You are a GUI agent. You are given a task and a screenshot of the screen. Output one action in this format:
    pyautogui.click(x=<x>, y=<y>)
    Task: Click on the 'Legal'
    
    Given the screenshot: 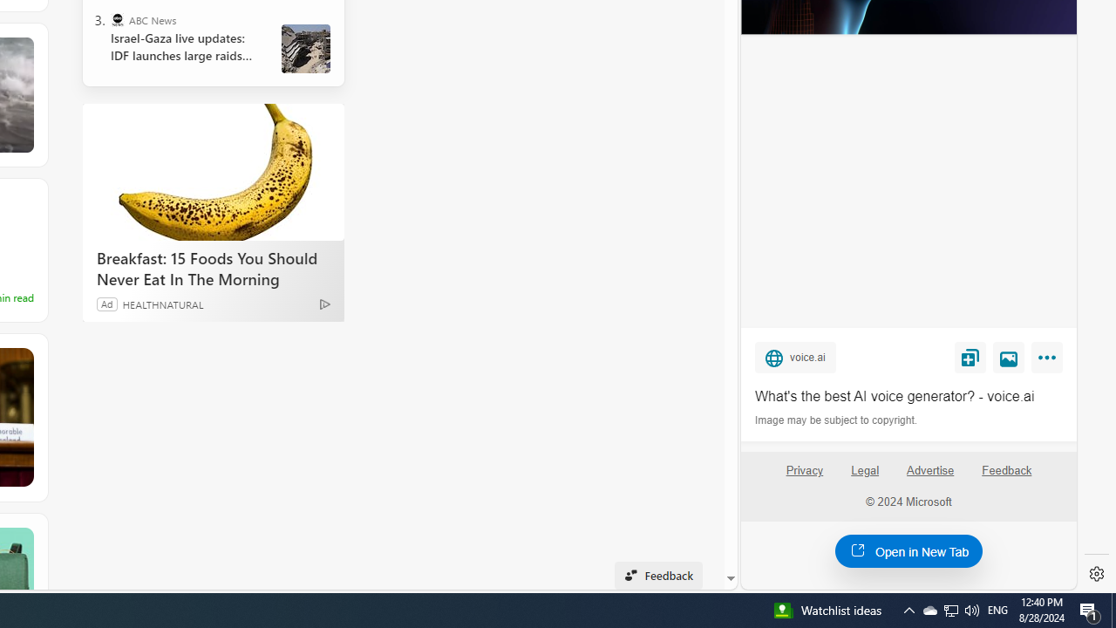 What is the action you would take?
    pyautogui.click(x=865, y=469)
    